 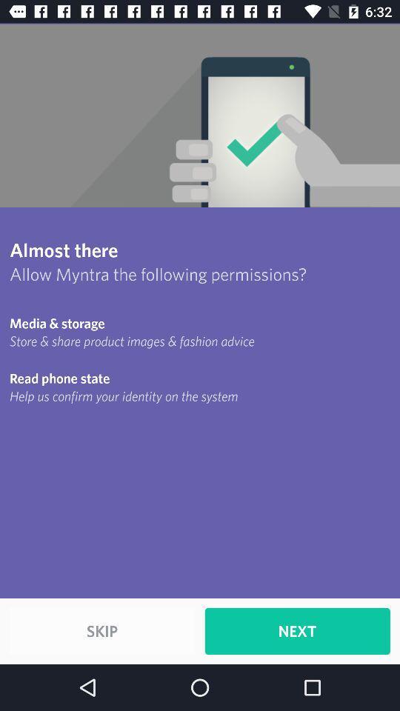 What do you see at coordinates (297, 630) in the screenshot?
I see `the next icon` at bounding box center [297, 630].